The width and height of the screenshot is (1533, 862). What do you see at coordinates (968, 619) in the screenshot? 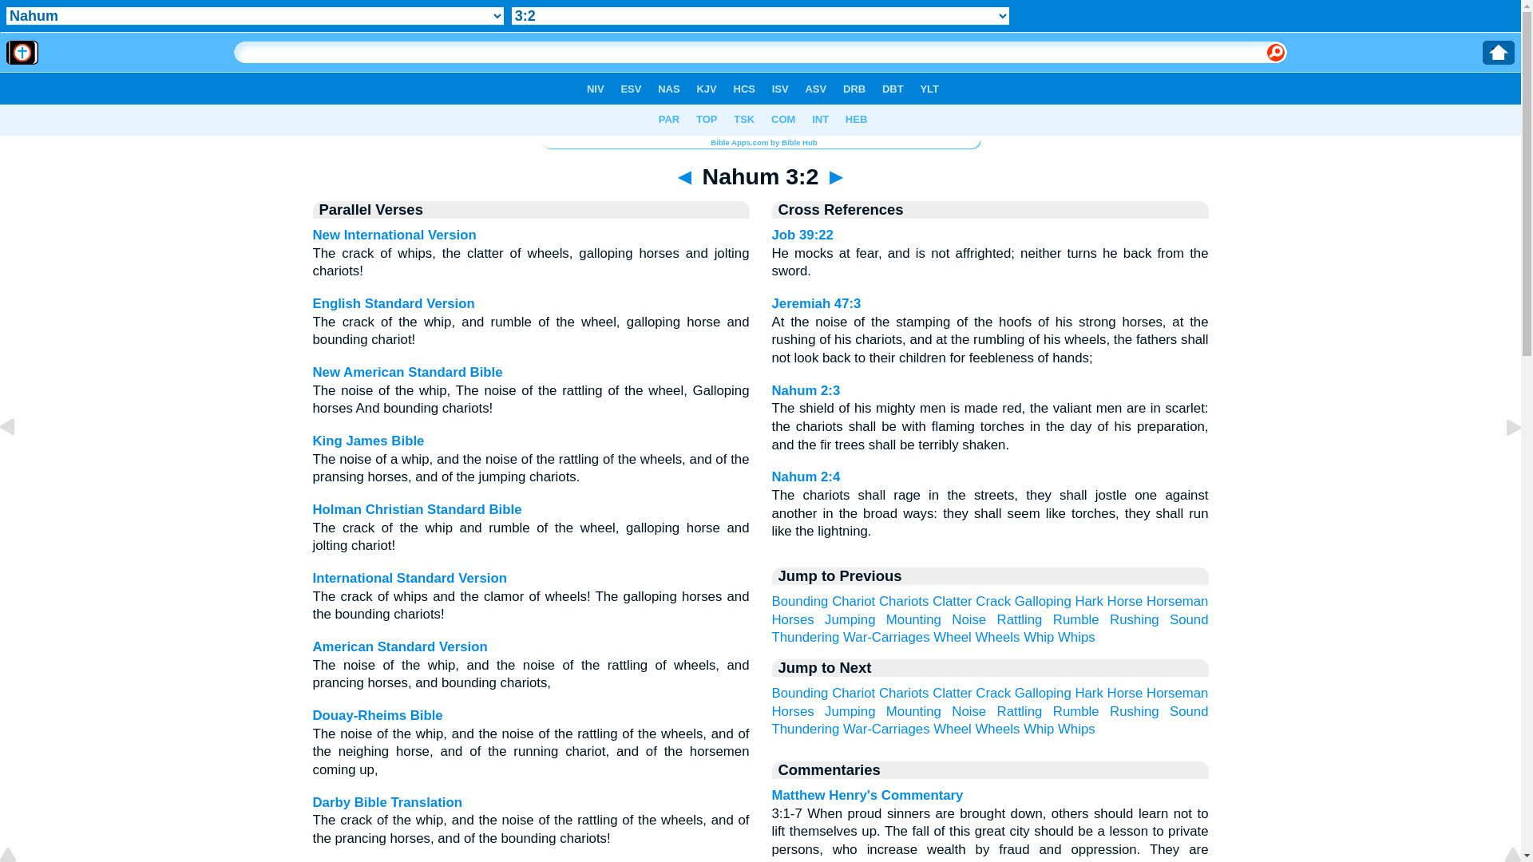
I see `'Noise'` at bounding box center [968, 619].